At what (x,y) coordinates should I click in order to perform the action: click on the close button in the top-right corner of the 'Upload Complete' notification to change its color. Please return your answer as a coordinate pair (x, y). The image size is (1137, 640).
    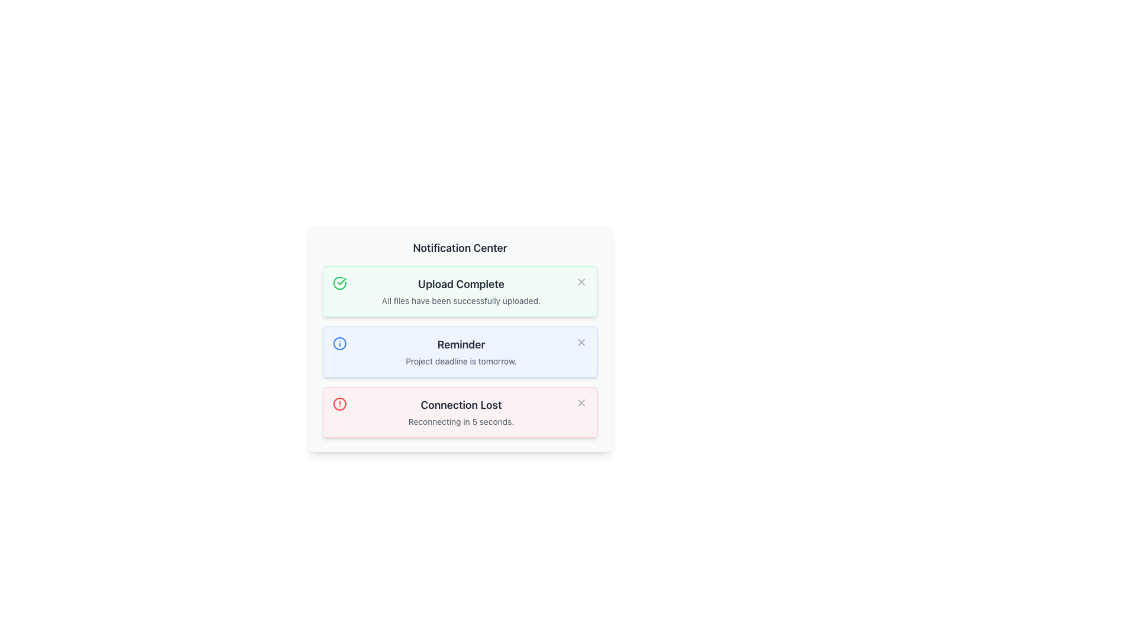
    Looking at the image, I should click on (577, 281).